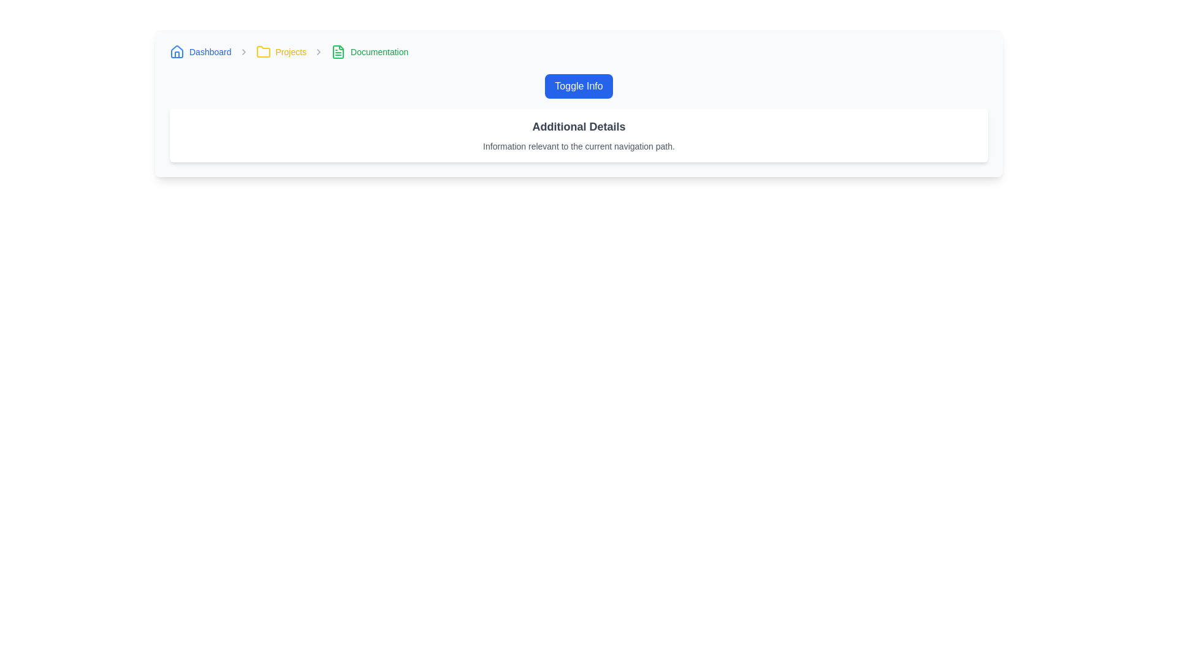 The height and width of the screenshot is (662, 1177). I want to click on the Breadcrumb item that has a green document icon and the text 'Documentation', which is the third item in the breadcrumb navigation bar, so click(369, 51).